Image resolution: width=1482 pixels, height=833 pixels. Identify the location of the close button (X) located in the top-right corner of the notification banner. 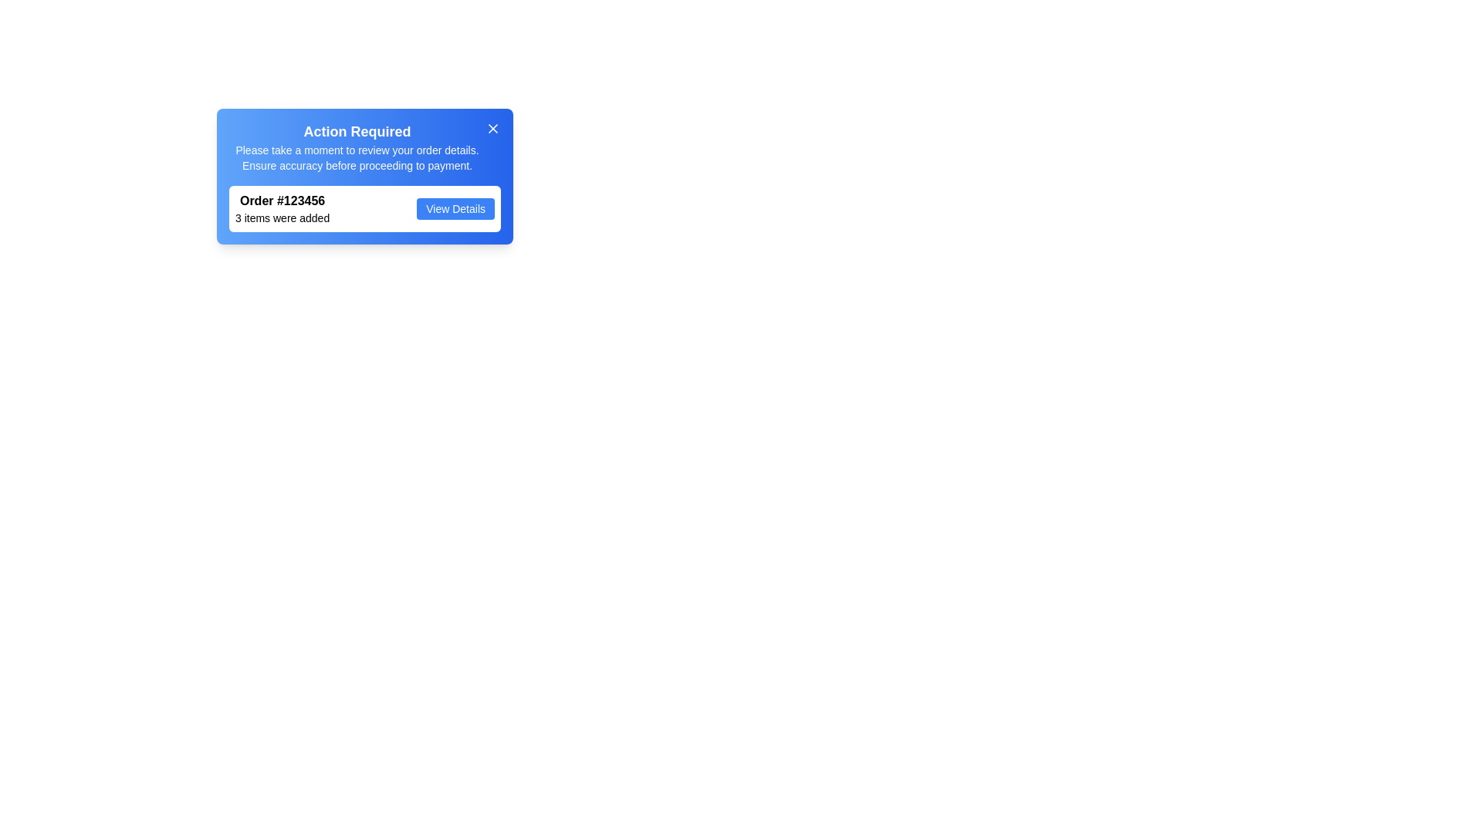
(492, 127).